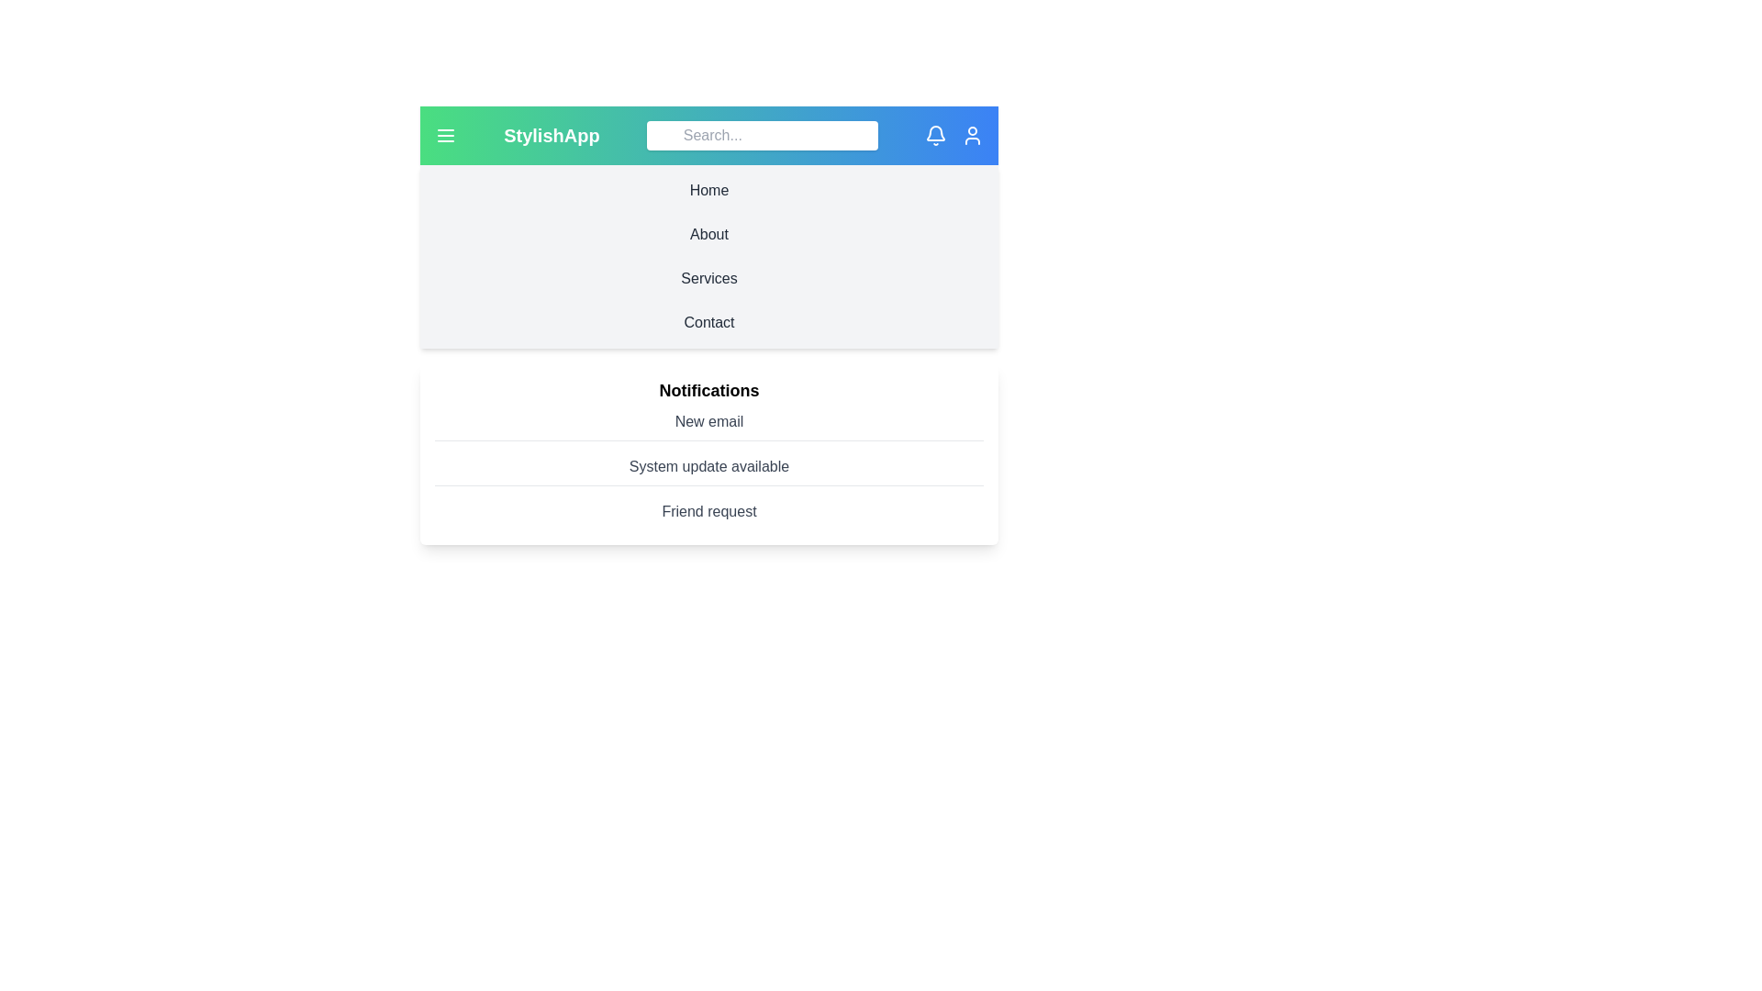 This screenshot has height=991, width=1762. What do you see at coordinates (708, 233) in the screenshot?
I see `the navigation section About` at bounding box center [708, 233].